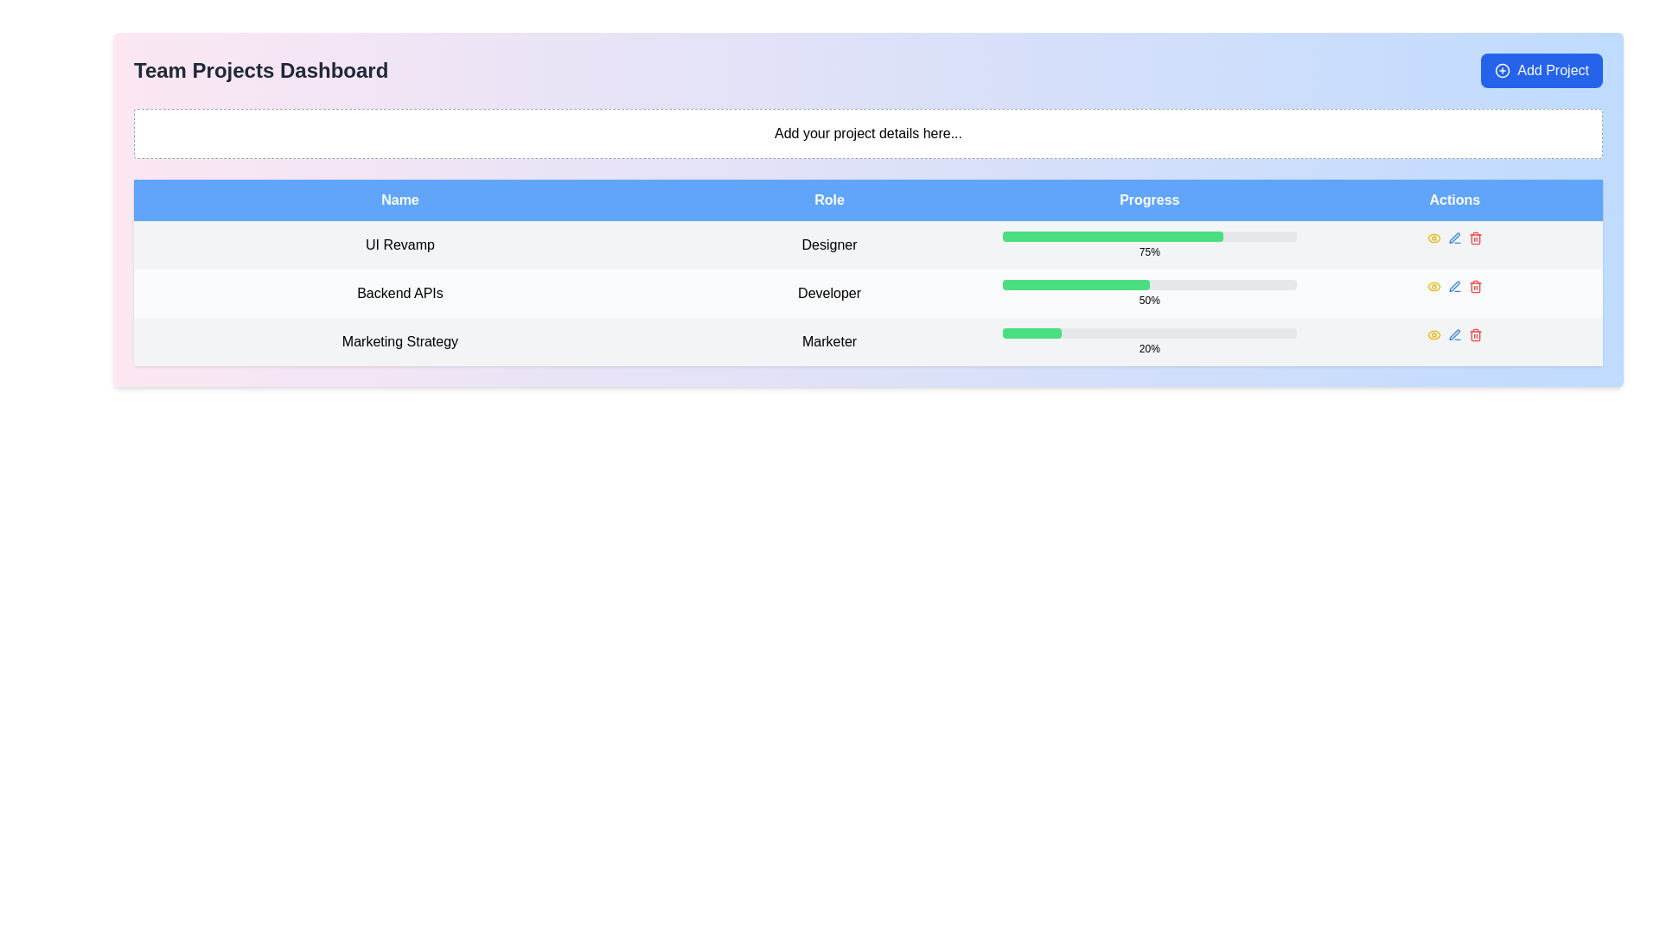  What do you see at coordinates (1032, 333) in the screenshot?
I see `the green progress bar indicator in the 'Progress' column of the 'Marketing Strategy' row within the 'Team Projects Dashboard' table, which represents 20% completion` at bounding box center [1032, 333].